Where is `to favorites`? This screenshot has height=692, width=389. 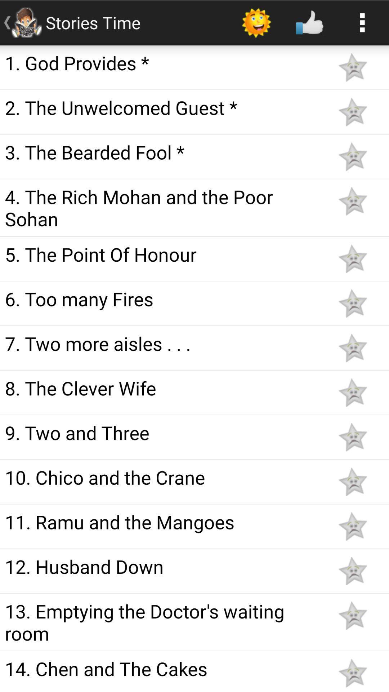 to favorites is located at coordinates (352, 615).